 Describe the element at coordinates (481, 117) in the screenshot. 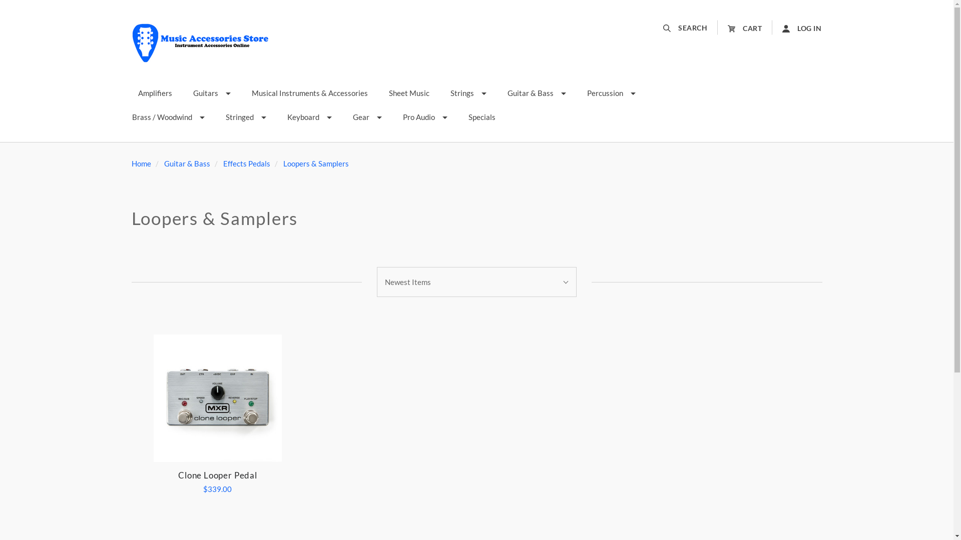

I see `'Specials'` at that location.